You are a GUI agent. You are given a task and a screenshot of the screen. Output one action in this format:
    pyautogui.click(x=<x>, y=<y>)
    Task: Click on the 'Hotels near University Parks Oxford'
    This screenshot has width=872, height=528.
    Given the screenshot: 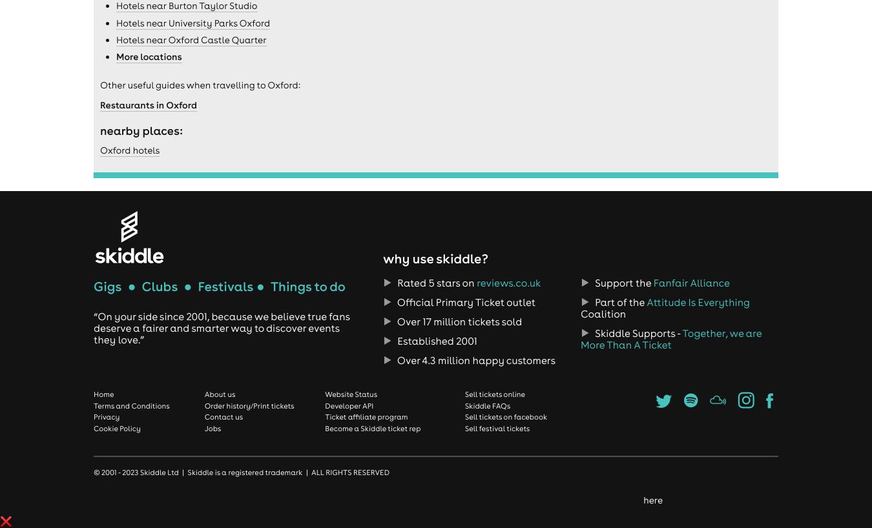 What is the action you would take?
    pyautogui.click(x=192, y=22)
    